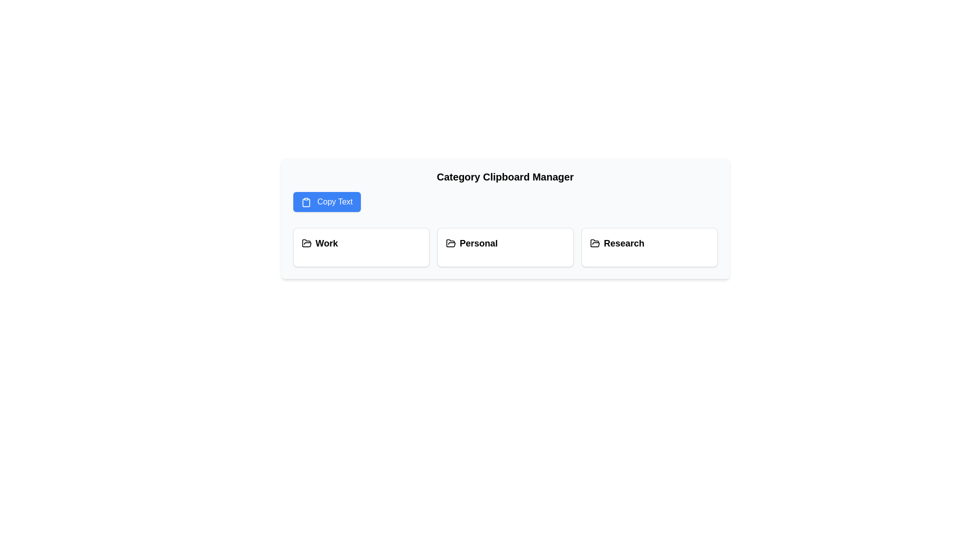  I want to click on the 'Personal' folder icon, which is a minimal SVG icon located to the left of the 'Personal' label, so click(450, 243).